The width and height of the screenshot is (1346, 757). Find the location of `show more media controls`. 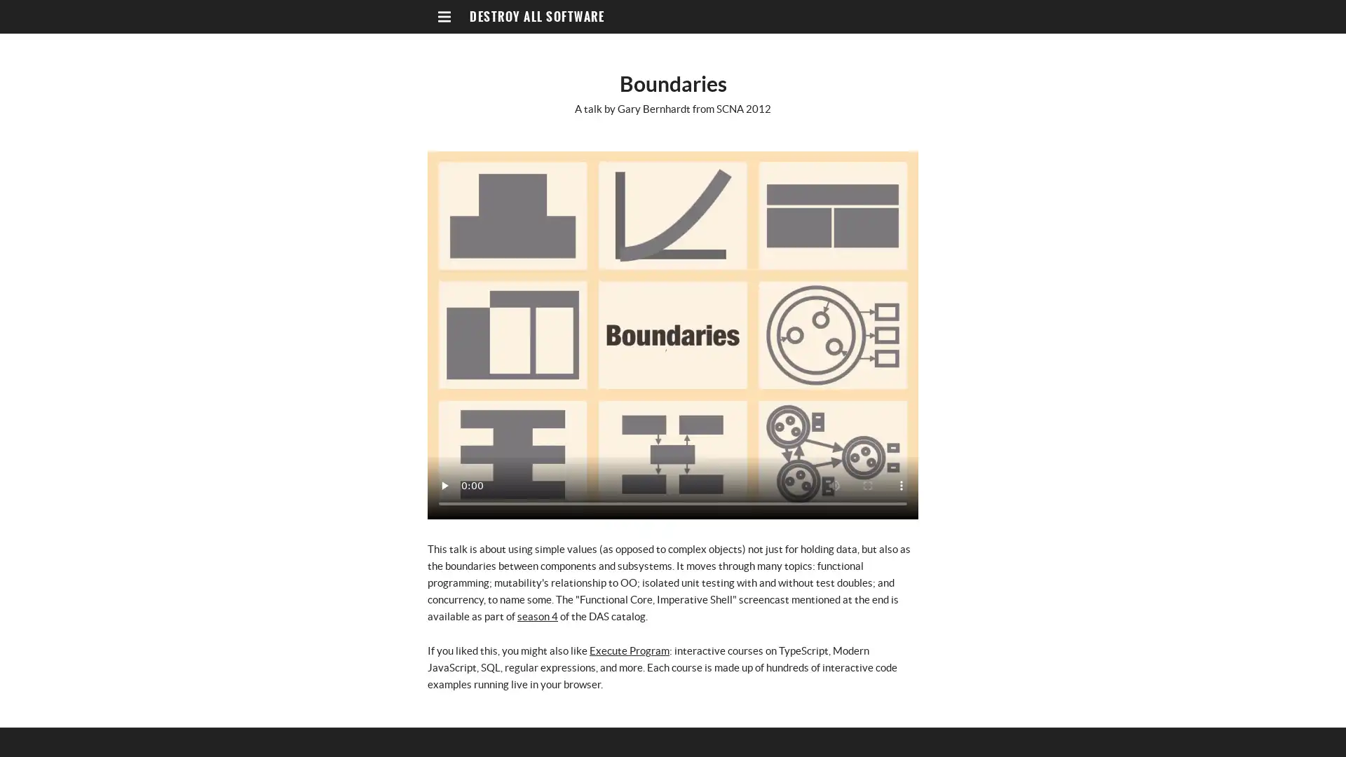

show more media controls is located at coordinates (902, 485).